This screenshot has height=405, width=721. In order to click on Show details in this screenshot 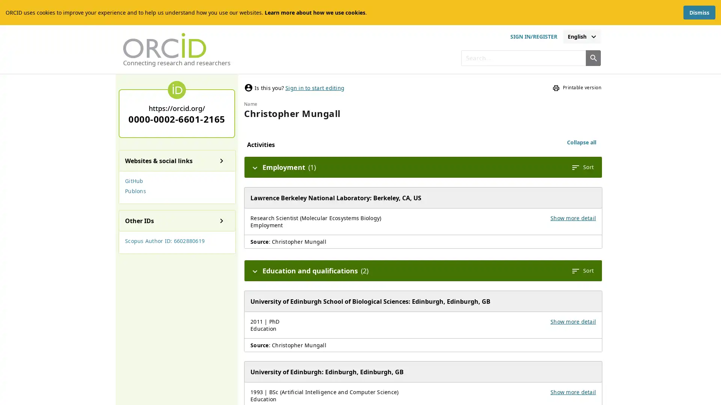, I will do `click(221, 220)`.